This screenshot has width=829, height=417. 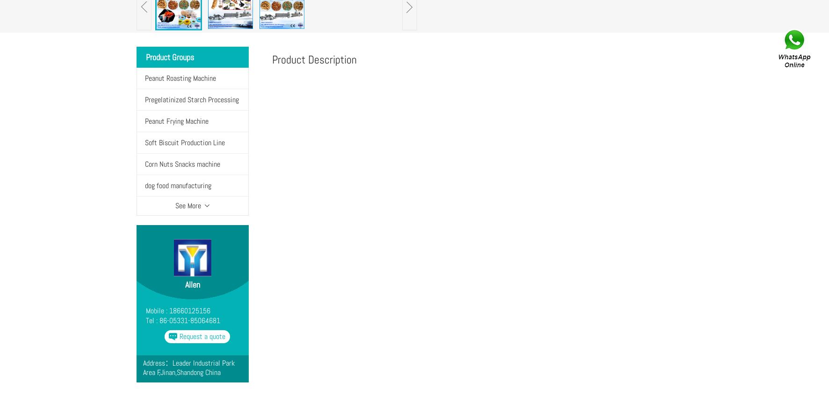 What do you see at coordinates (182, 164) in the screenshot?
I see `'Corn Nuts Snacks machine'` at bounding box center [182, 164].